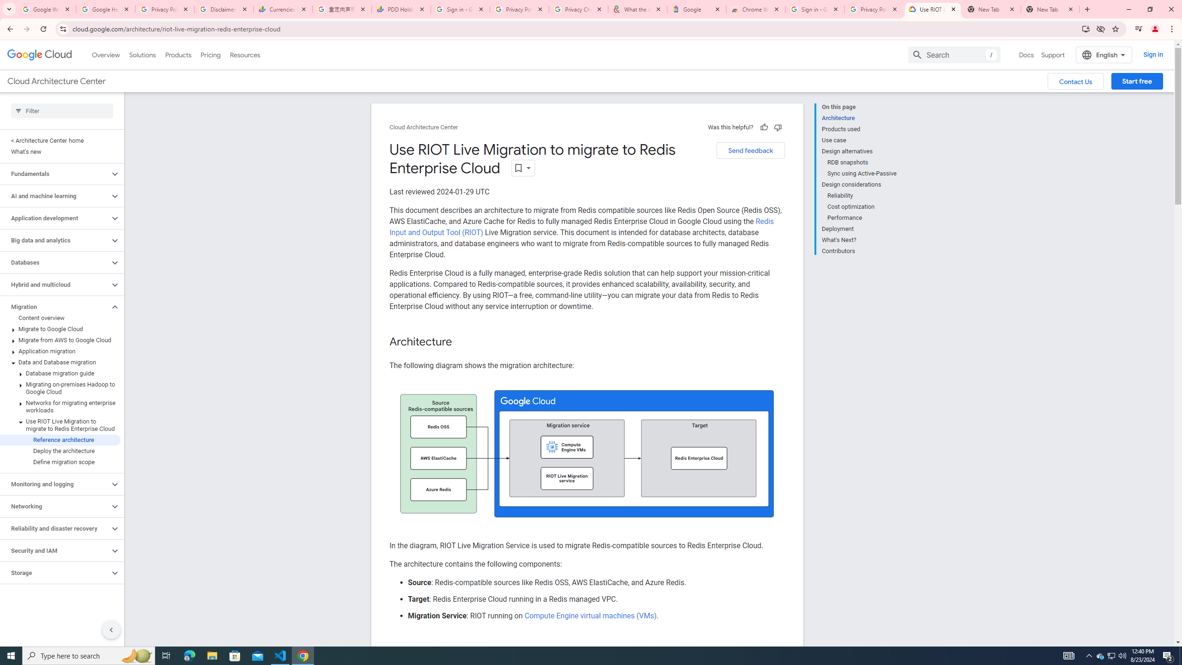 The image size is (1182, 665). What do you see at coordinates (283, 9) in the screenshot?
I see `'Currencies - Google Finance'` at bounding box center [283, 9].